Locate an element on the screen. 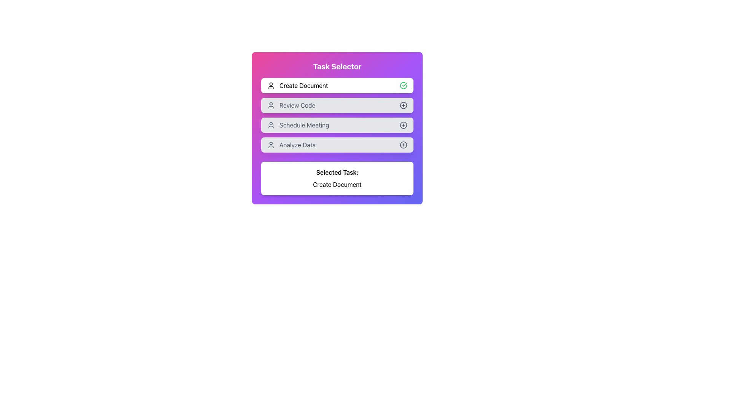  the button located to the right of the 'Review Code' text button in the task selector UI is located at coordinates (403, 105).